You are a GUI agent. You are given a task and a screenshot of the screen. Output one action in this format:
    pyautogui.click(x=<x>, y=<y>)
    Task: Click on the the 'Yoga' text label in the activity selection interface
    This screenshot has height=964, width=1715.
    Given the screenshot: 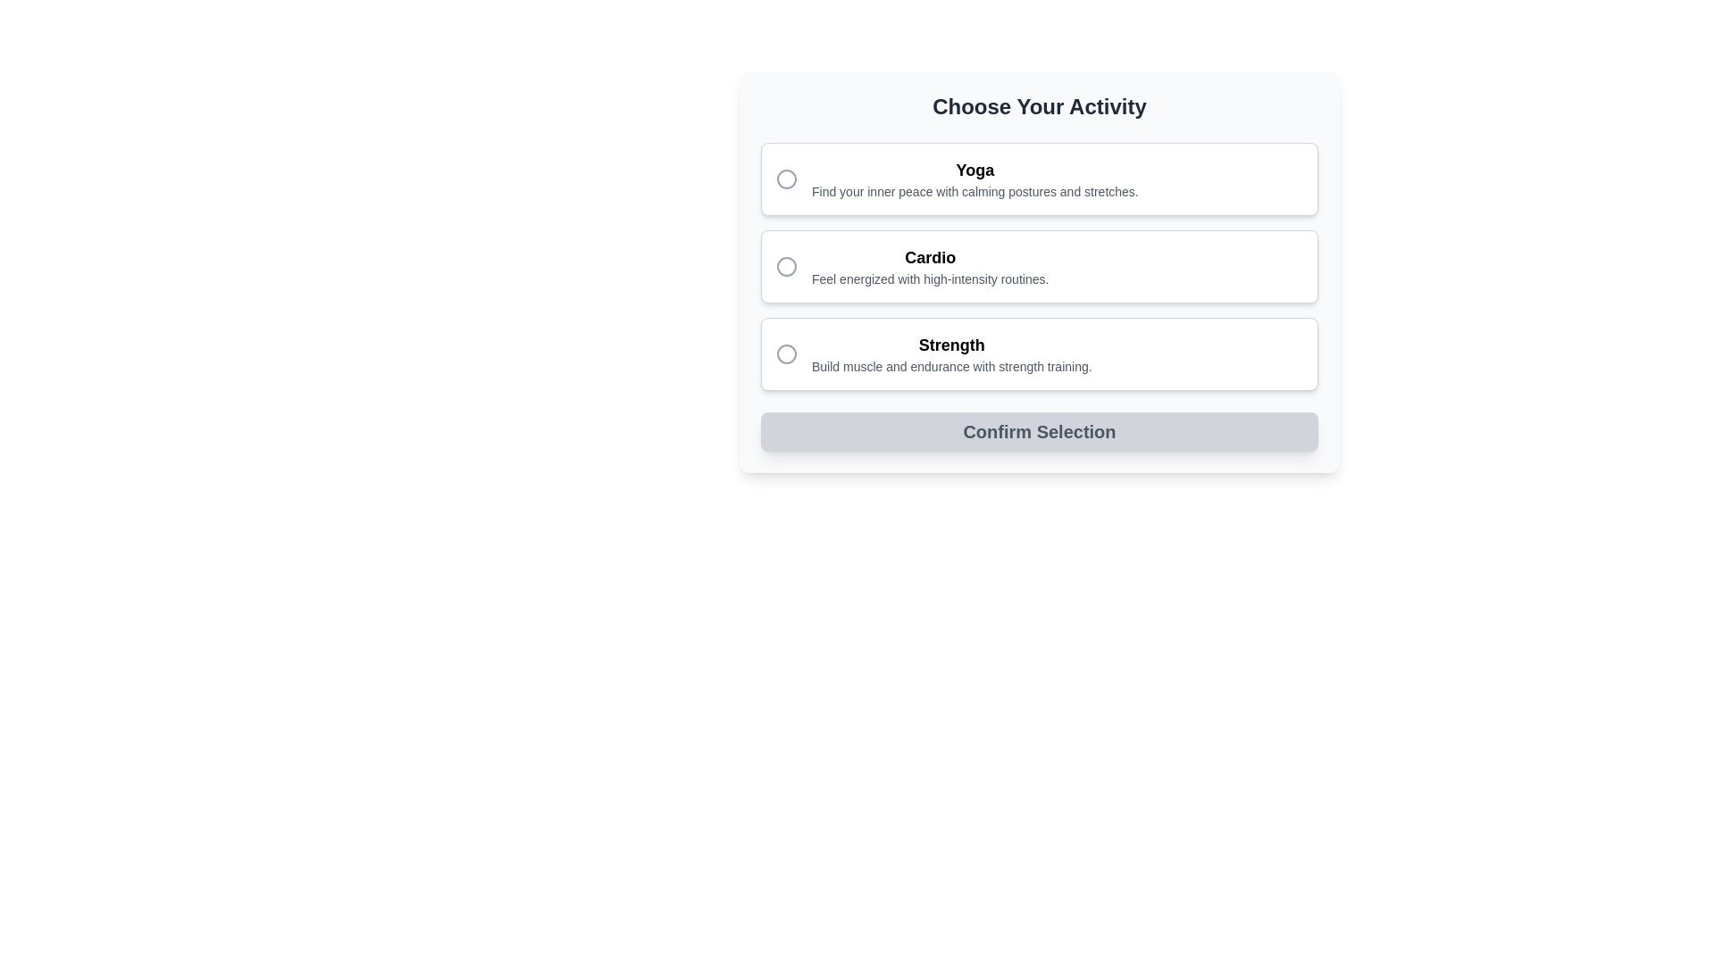 What is the action you would take?
    pyautogui.click(x=974, y=170)
    